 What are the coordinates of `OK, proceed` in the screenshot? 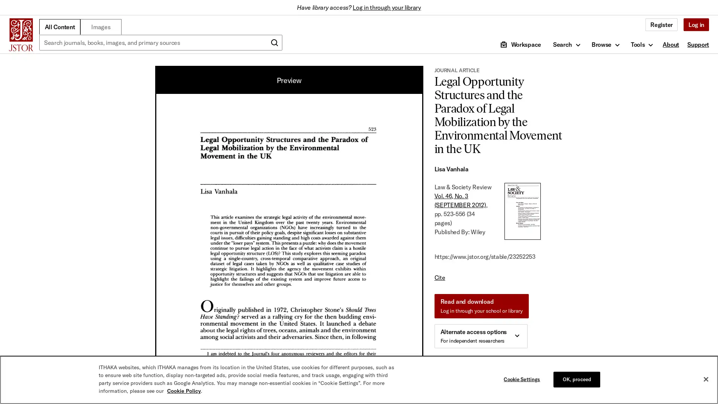 It's located at (576, 379).